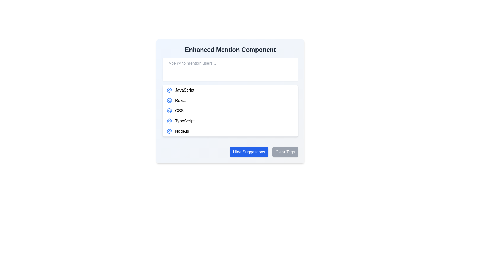 This screenshot has width=493, height=277. I want to click on the graphical representation of the '@' sign, which is the second component within the SVG element in the suggestion list of the 'Enhanced Mention Component' text input, located next to the label 'React', so click(169, 90).